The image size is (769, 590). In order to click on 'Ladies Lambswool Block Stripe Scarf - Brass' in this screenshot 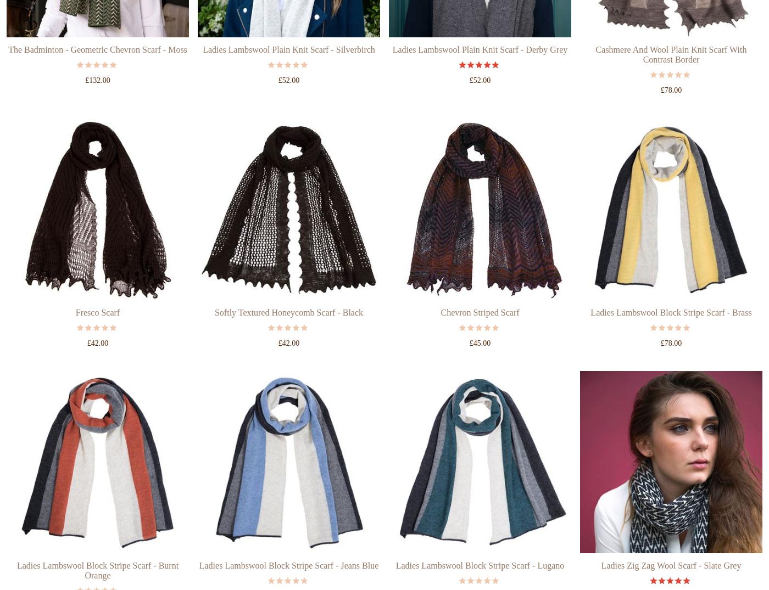, I will do `click(671, 353)`.